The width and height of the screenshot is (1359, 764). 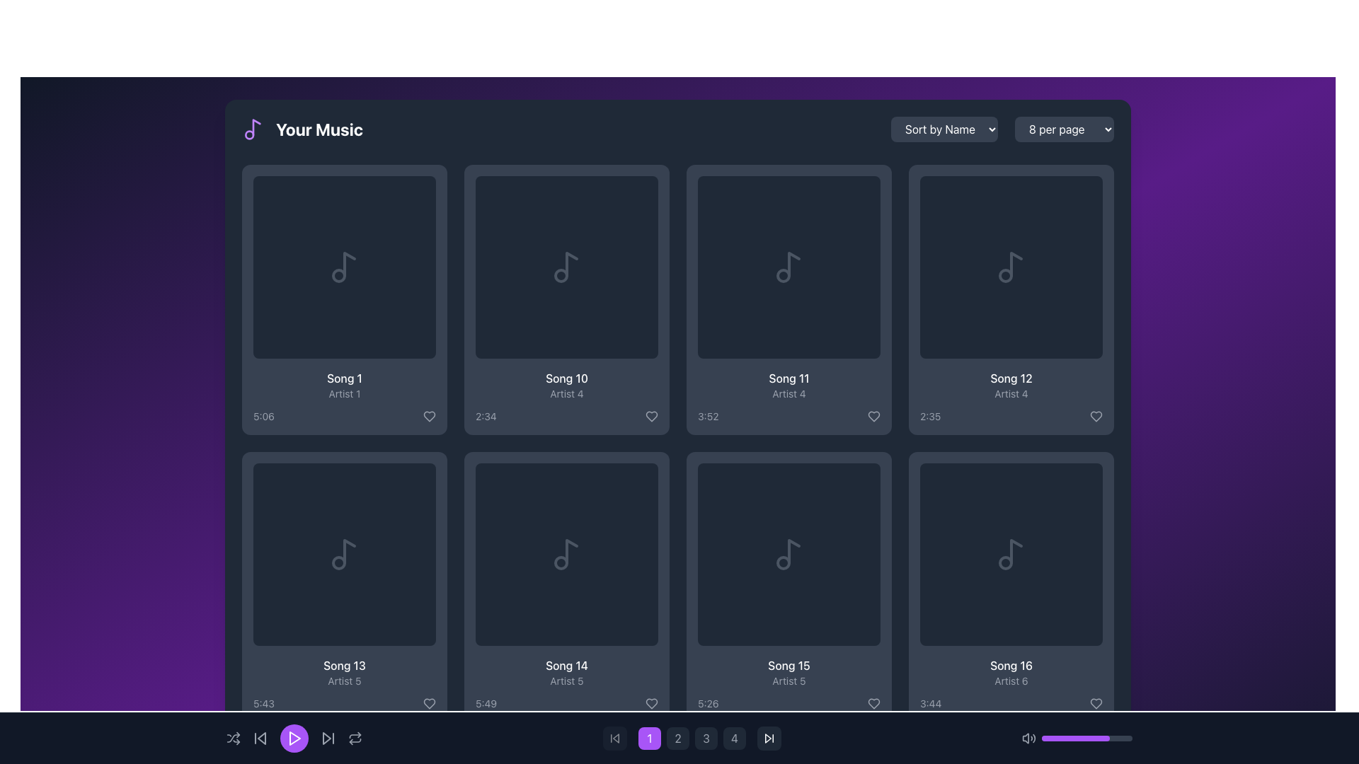 What do you see at coordinates (338, 562) in the screenshot?
I see `the SVG Circle element that visually augments the musical note icon, located beneath the central vertical line of the note` at bounding box center [338, 562].